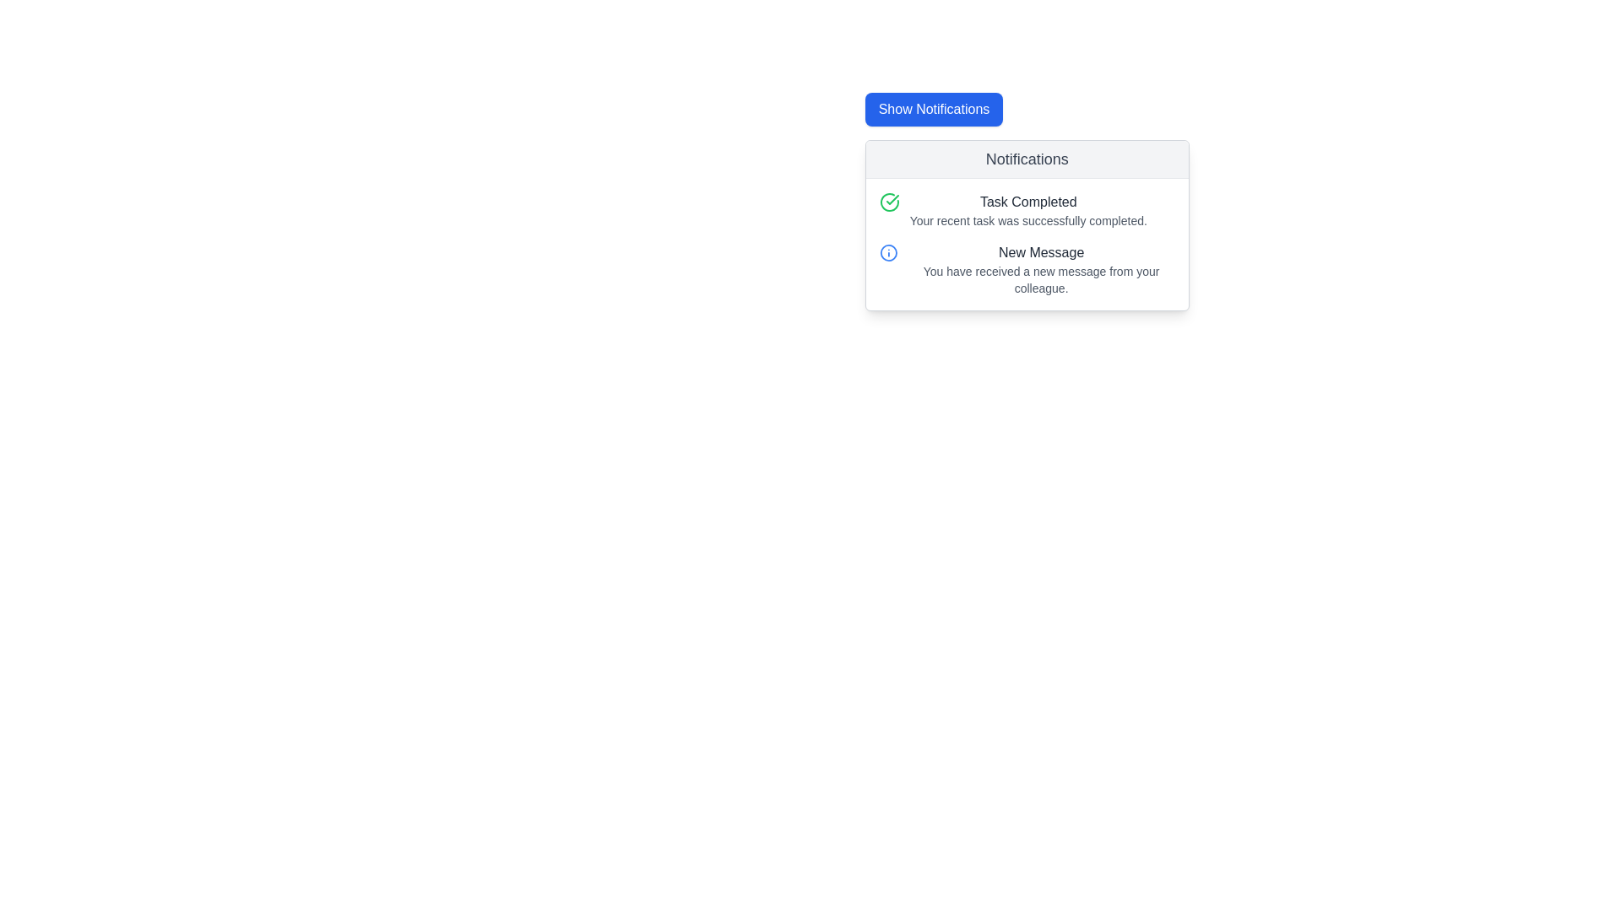 The height and width of the screenshot is (911, 1621). Describe the element at coordinates (1026, 159) in the screenshot. I see `the 'Notifications' header section, which has a light gray background, rounded corners, and bold dark gray text` at that location.